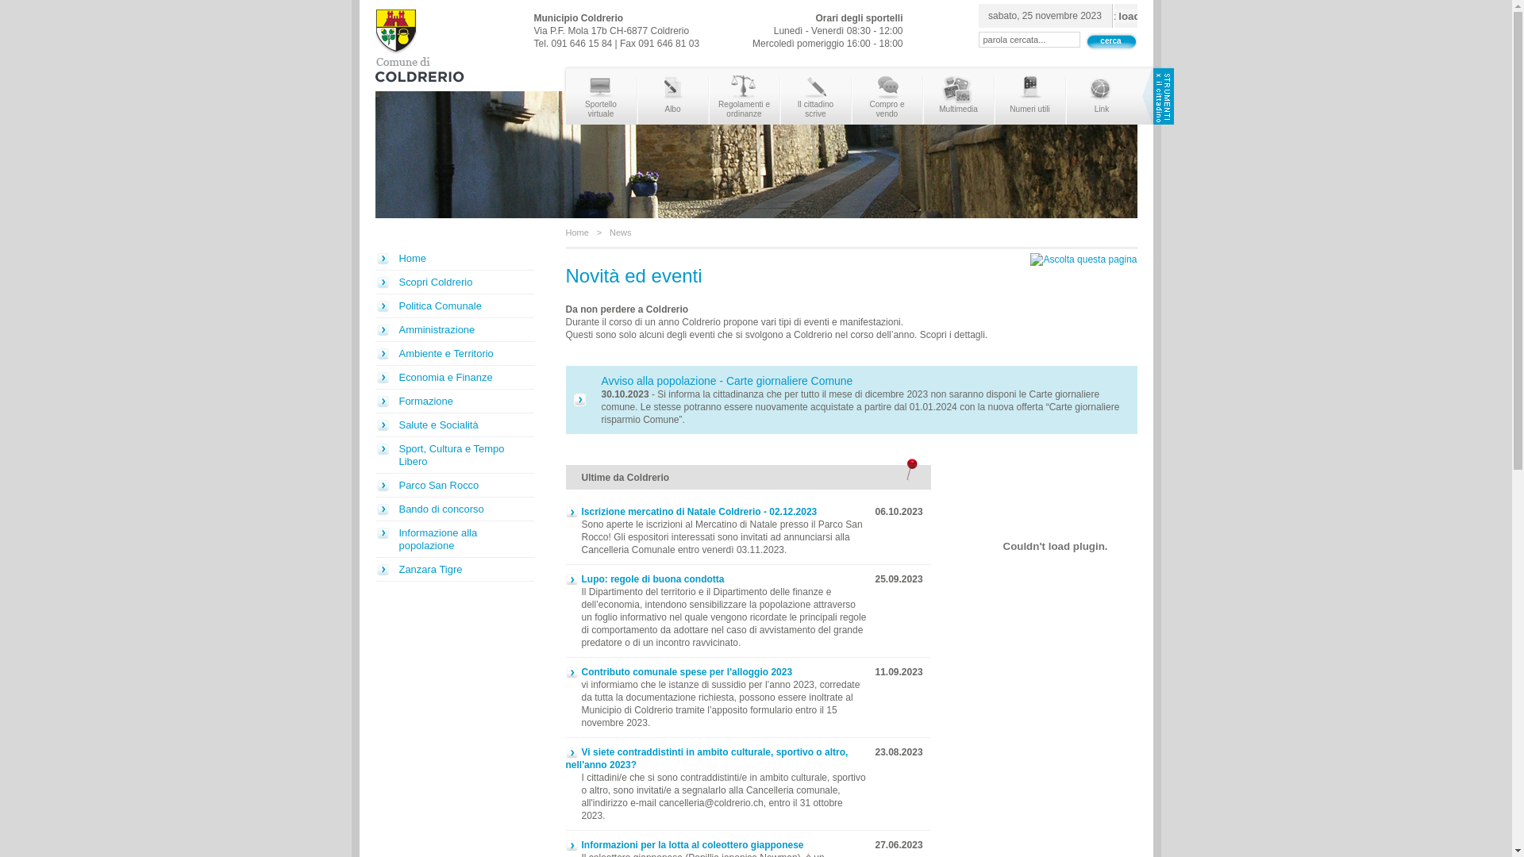  I want to click on 'Zanzara Tigre', so click(373, 568).